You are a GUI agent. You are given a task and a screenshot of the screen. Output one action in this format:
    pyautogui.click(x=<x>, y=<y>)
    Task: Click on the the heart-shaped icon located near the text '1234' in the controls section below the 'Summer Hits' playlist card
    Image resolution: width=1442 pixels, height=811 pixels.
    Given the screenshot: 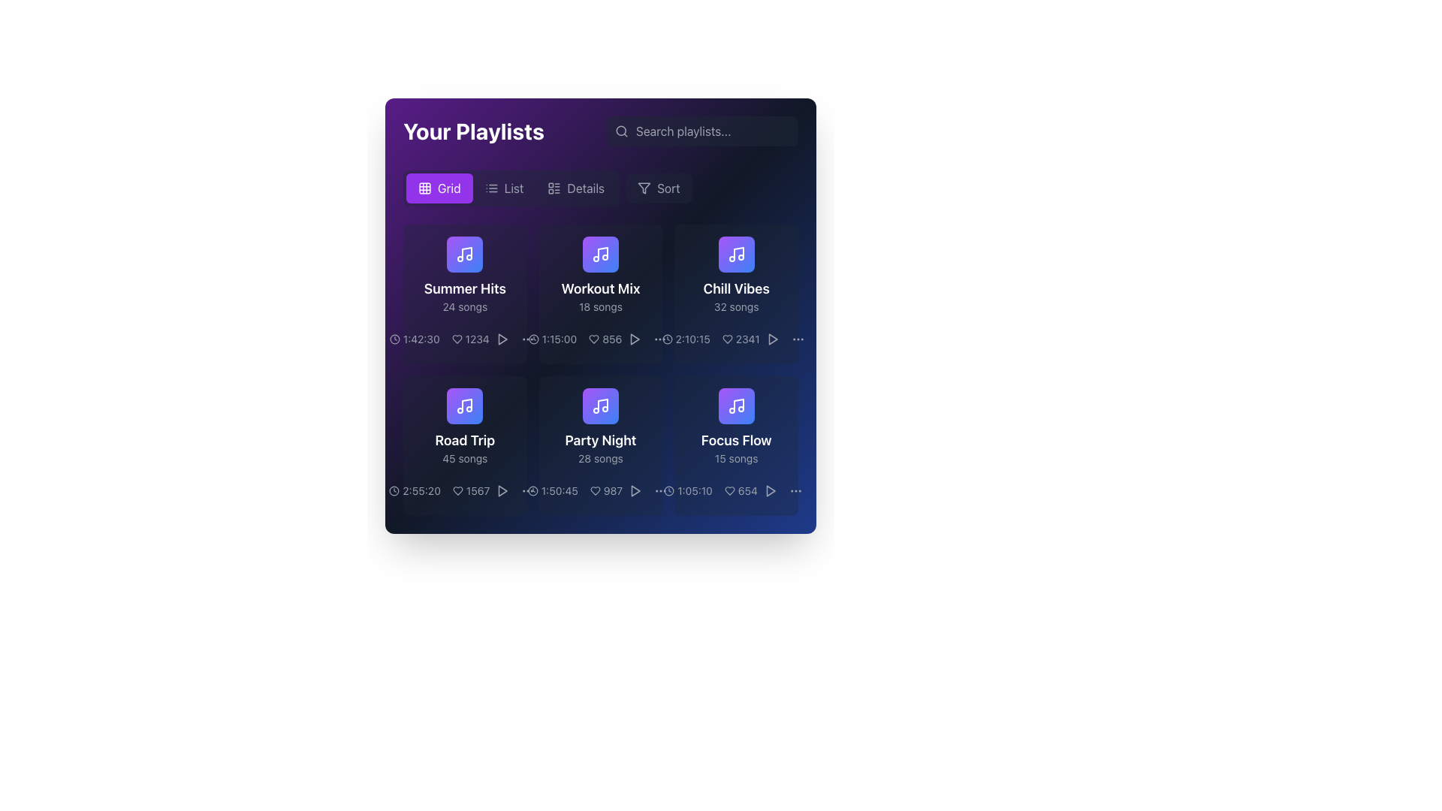 What is the action you would take?
    pyautogui.click(x=456, y=339)
    